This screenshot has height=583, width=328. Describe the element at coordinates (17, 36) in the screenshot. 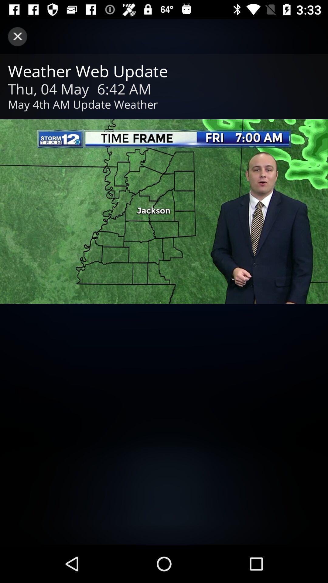

I see `the close icon` at that location.